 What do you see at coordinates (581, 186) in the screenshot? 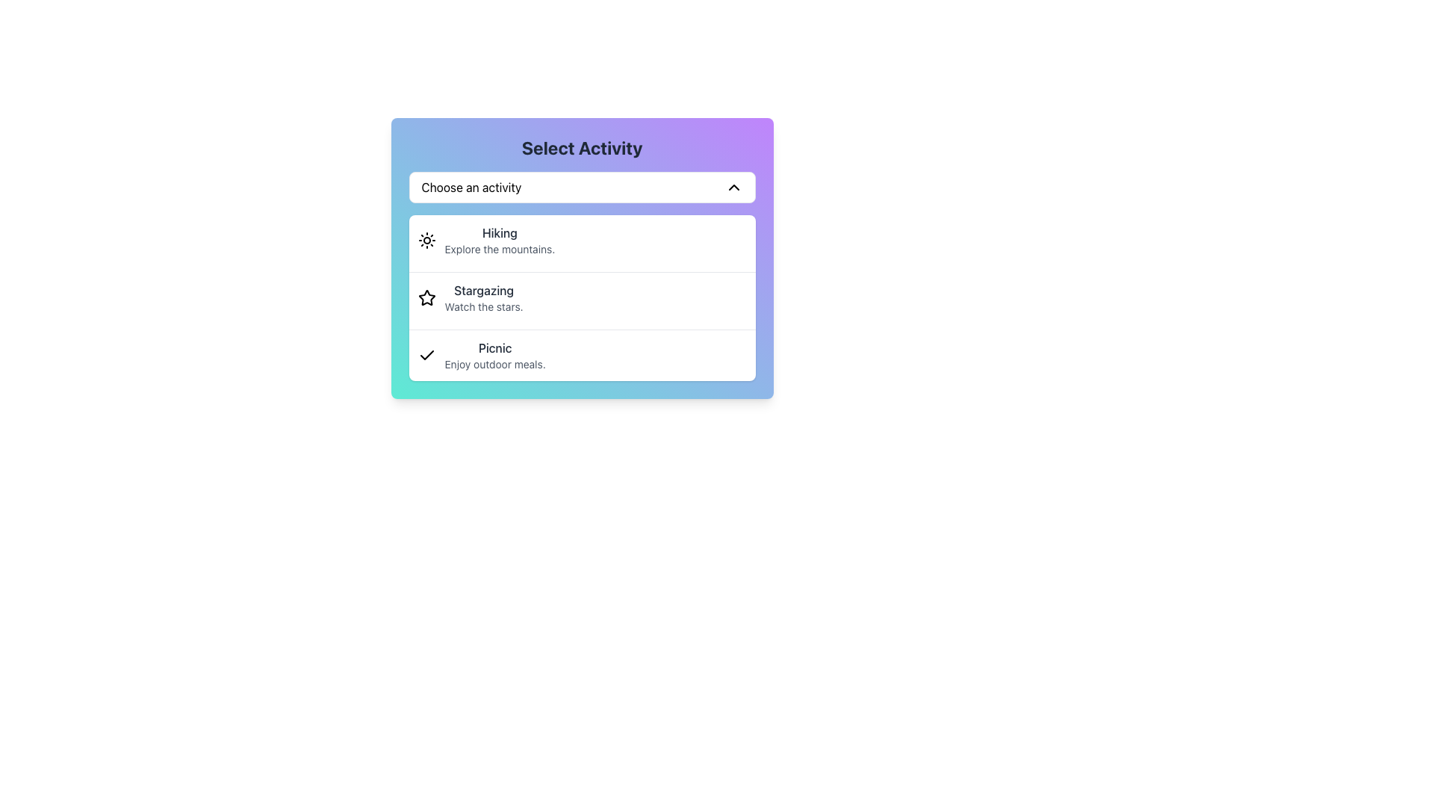
I see `the dropdown menu positioned below the title 'Select Activity', which allows users to select from a list of activities` at bounding box center [581, 186].